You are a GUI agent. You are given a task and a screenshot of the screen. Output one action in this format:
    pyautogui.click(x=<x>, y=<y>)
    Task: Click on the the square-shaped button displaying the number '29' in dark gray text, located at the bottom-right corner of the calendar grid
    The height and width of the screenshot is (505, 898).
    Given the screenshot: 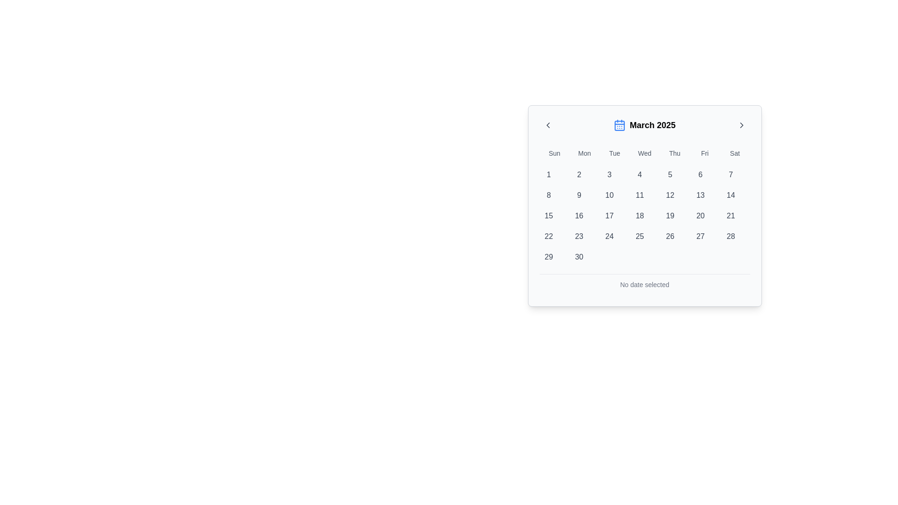 What is the action you would take?
    pyautogui.click(x=549, y=257)
    